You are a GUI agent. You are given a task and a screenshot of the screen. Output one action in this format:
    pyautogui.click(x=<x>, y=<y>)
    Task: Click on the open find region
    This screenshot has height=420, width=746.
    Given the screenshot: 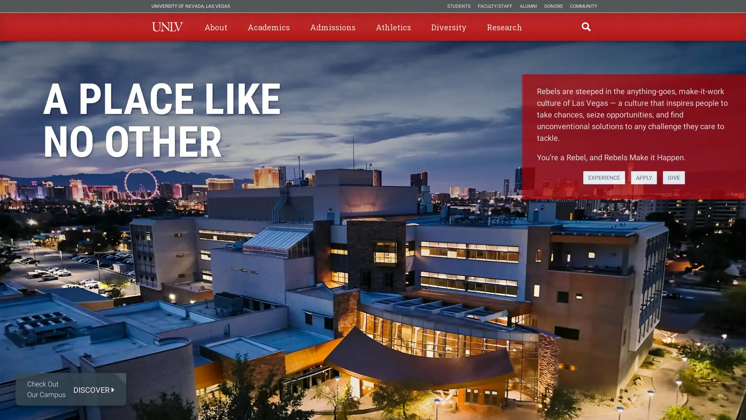 What is the action you would take?
    pyautogui.click(x=586, y=26)
    